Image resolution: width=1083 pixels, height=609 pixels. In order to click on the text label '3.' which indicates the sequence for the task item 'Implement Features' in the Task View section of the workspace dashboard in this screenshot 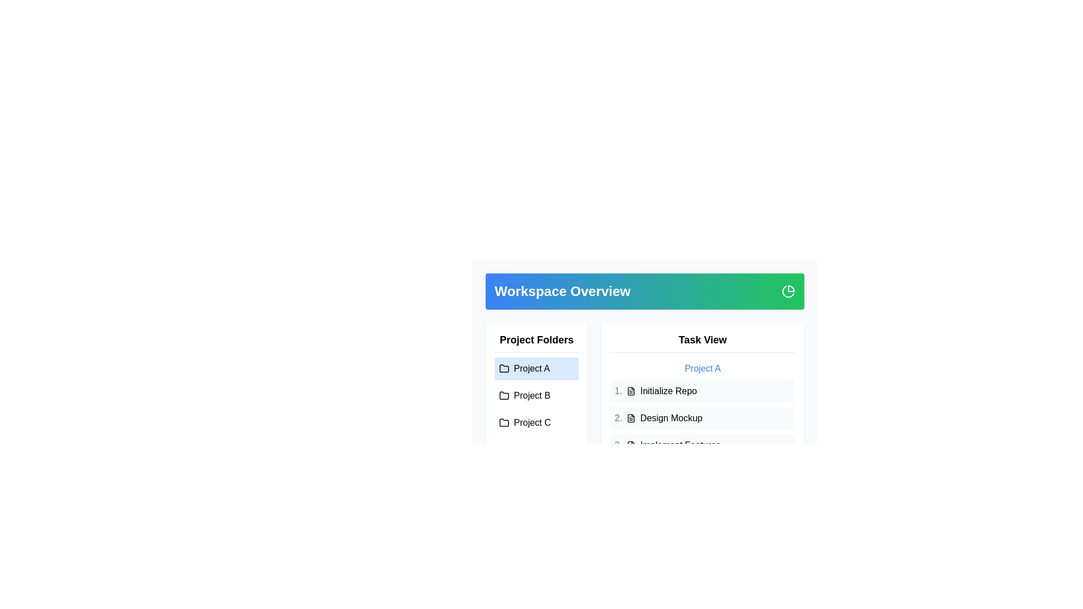, I will do `click(618, 445)`.